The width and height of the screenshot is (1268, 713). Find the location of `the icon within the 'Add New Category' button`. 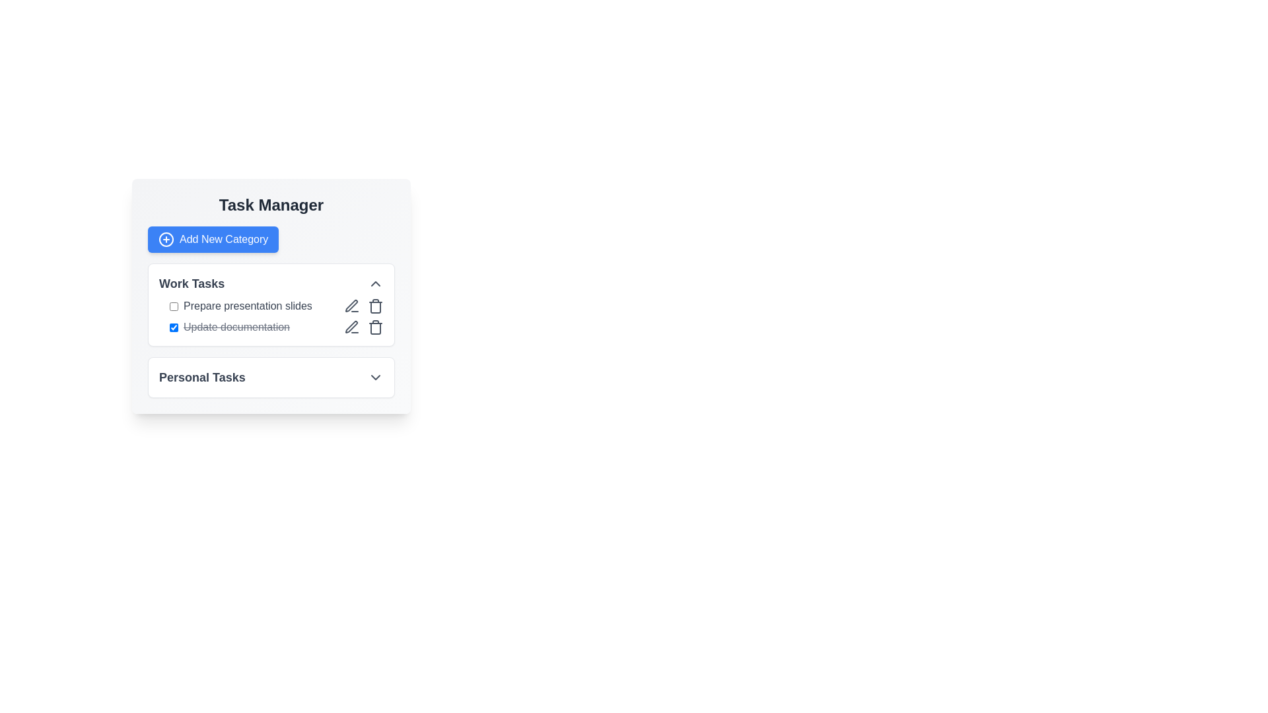

the icon within the 'Add New Category' button is located at coordinates (166, 239).